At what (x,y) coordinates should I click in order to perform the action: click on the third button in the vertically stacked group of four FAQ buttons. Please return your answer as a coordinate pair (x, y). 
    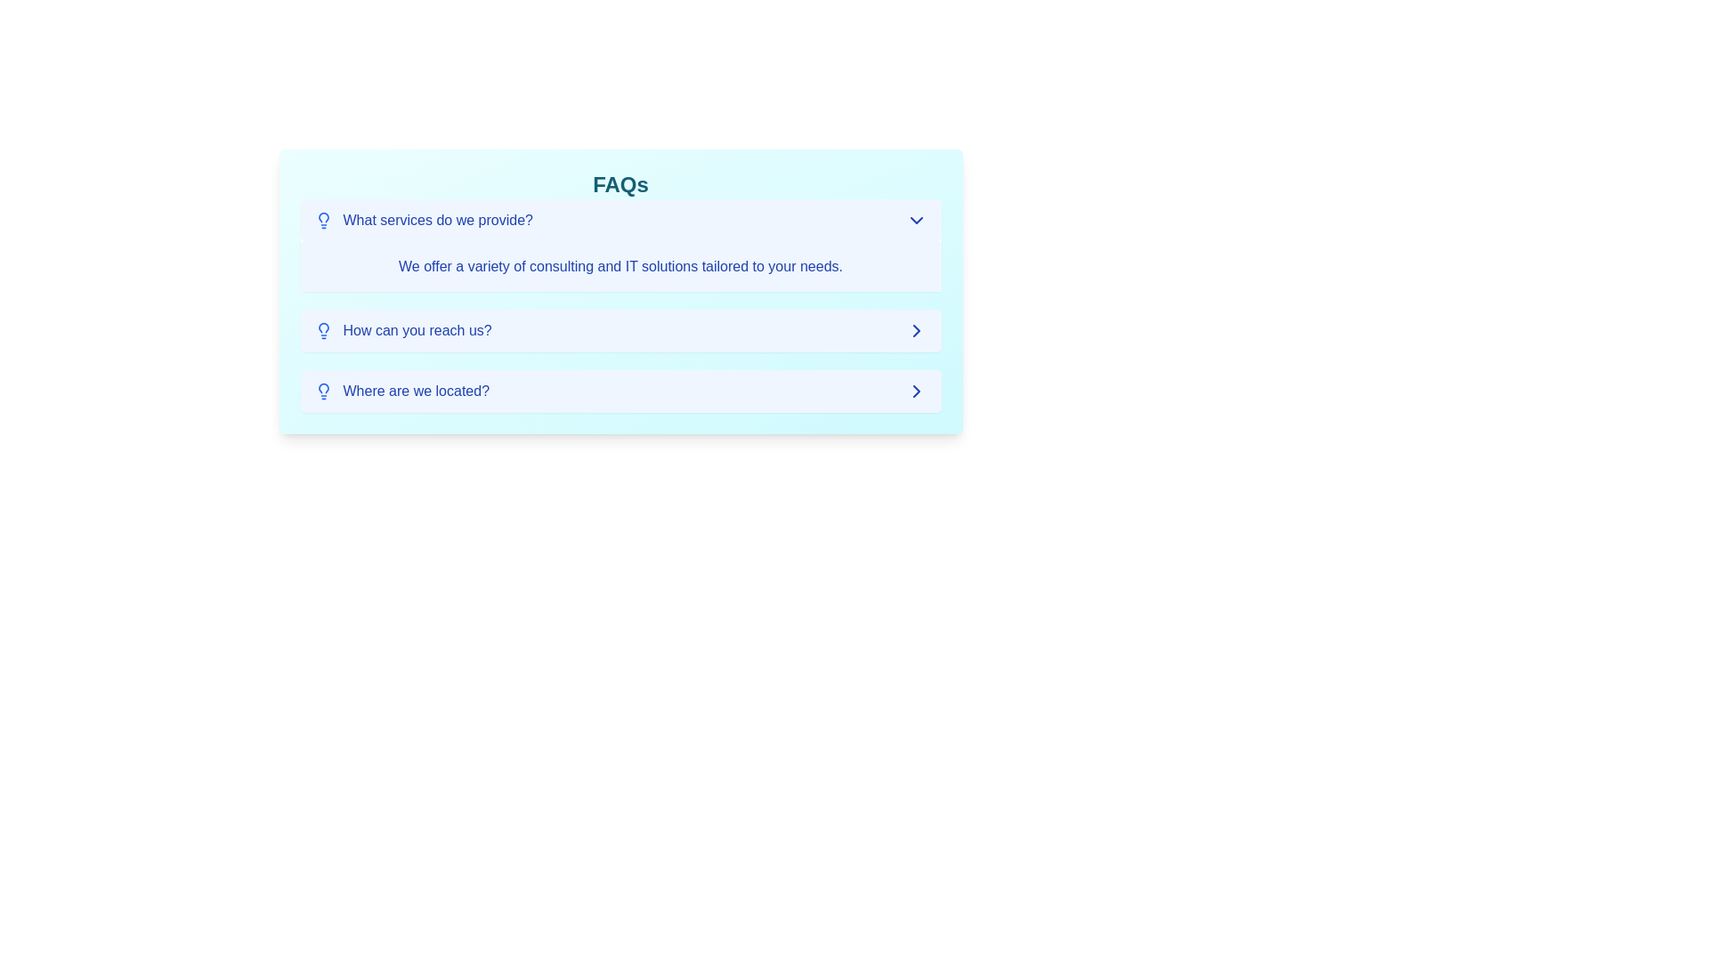
    Looking at the image, I should click on (620, 390).